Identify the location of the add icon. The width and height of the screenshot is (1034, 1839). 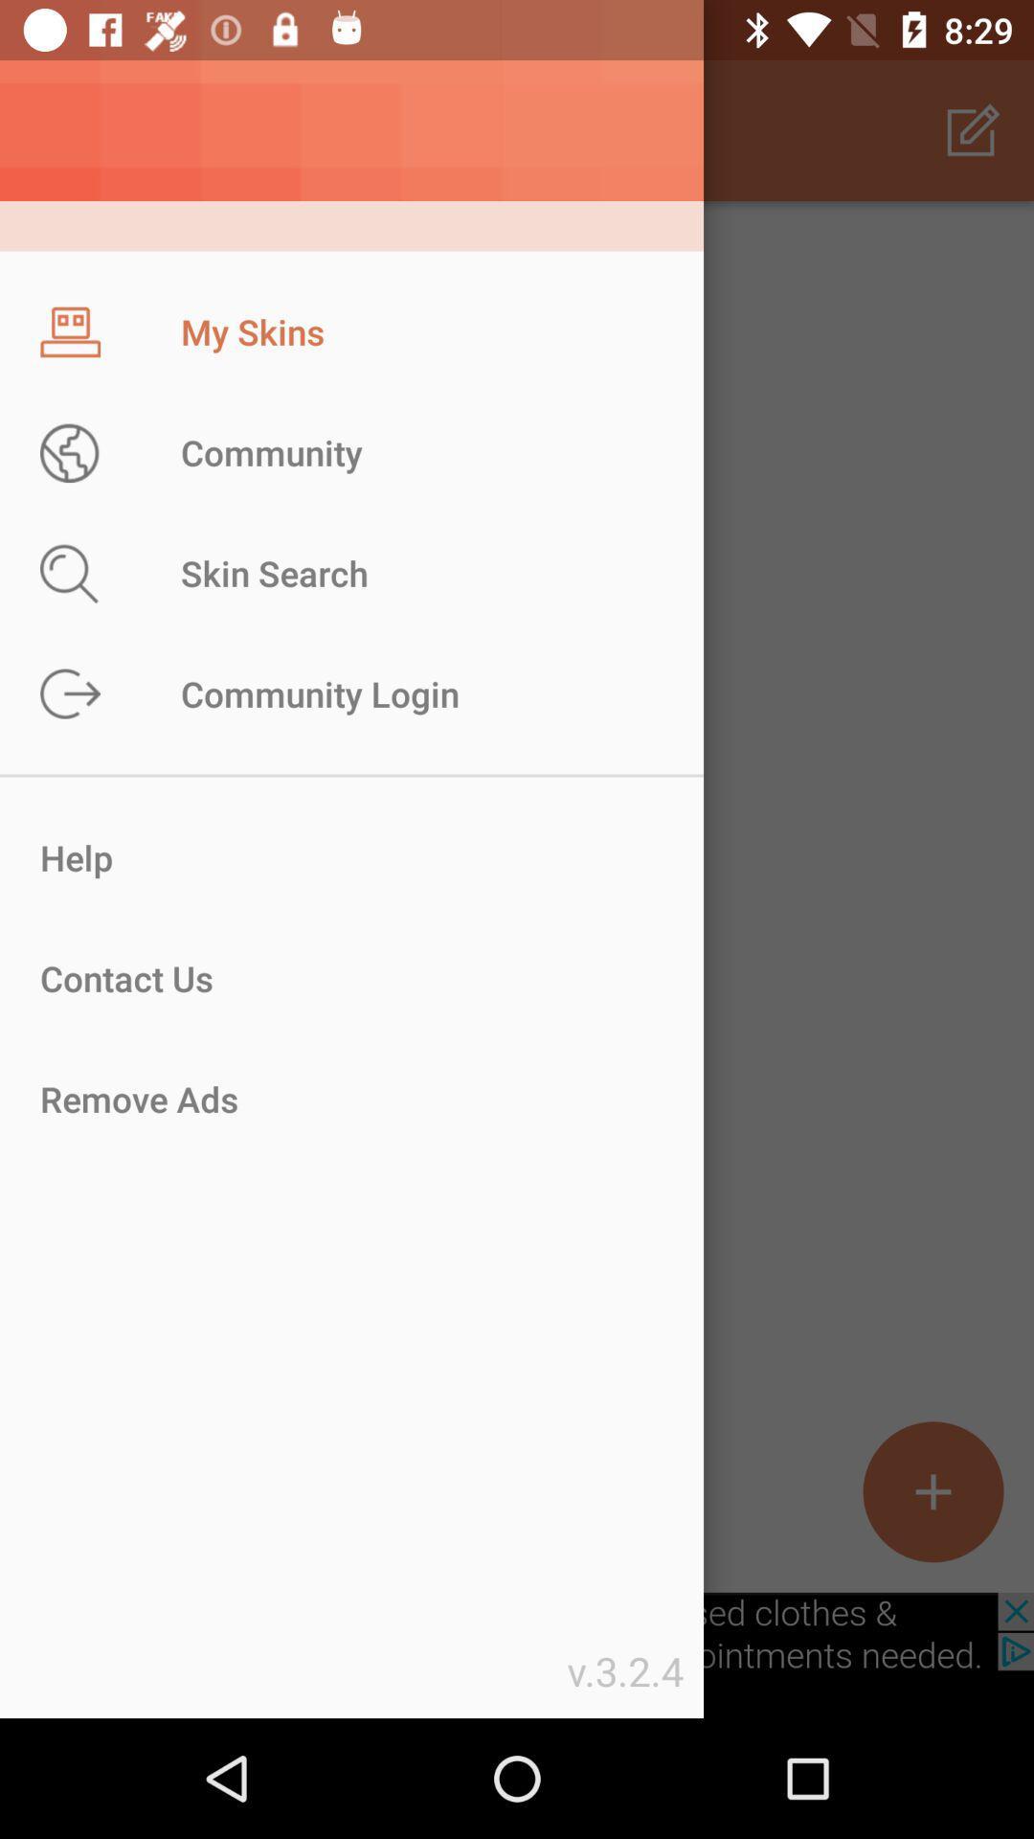
(933, 1490).